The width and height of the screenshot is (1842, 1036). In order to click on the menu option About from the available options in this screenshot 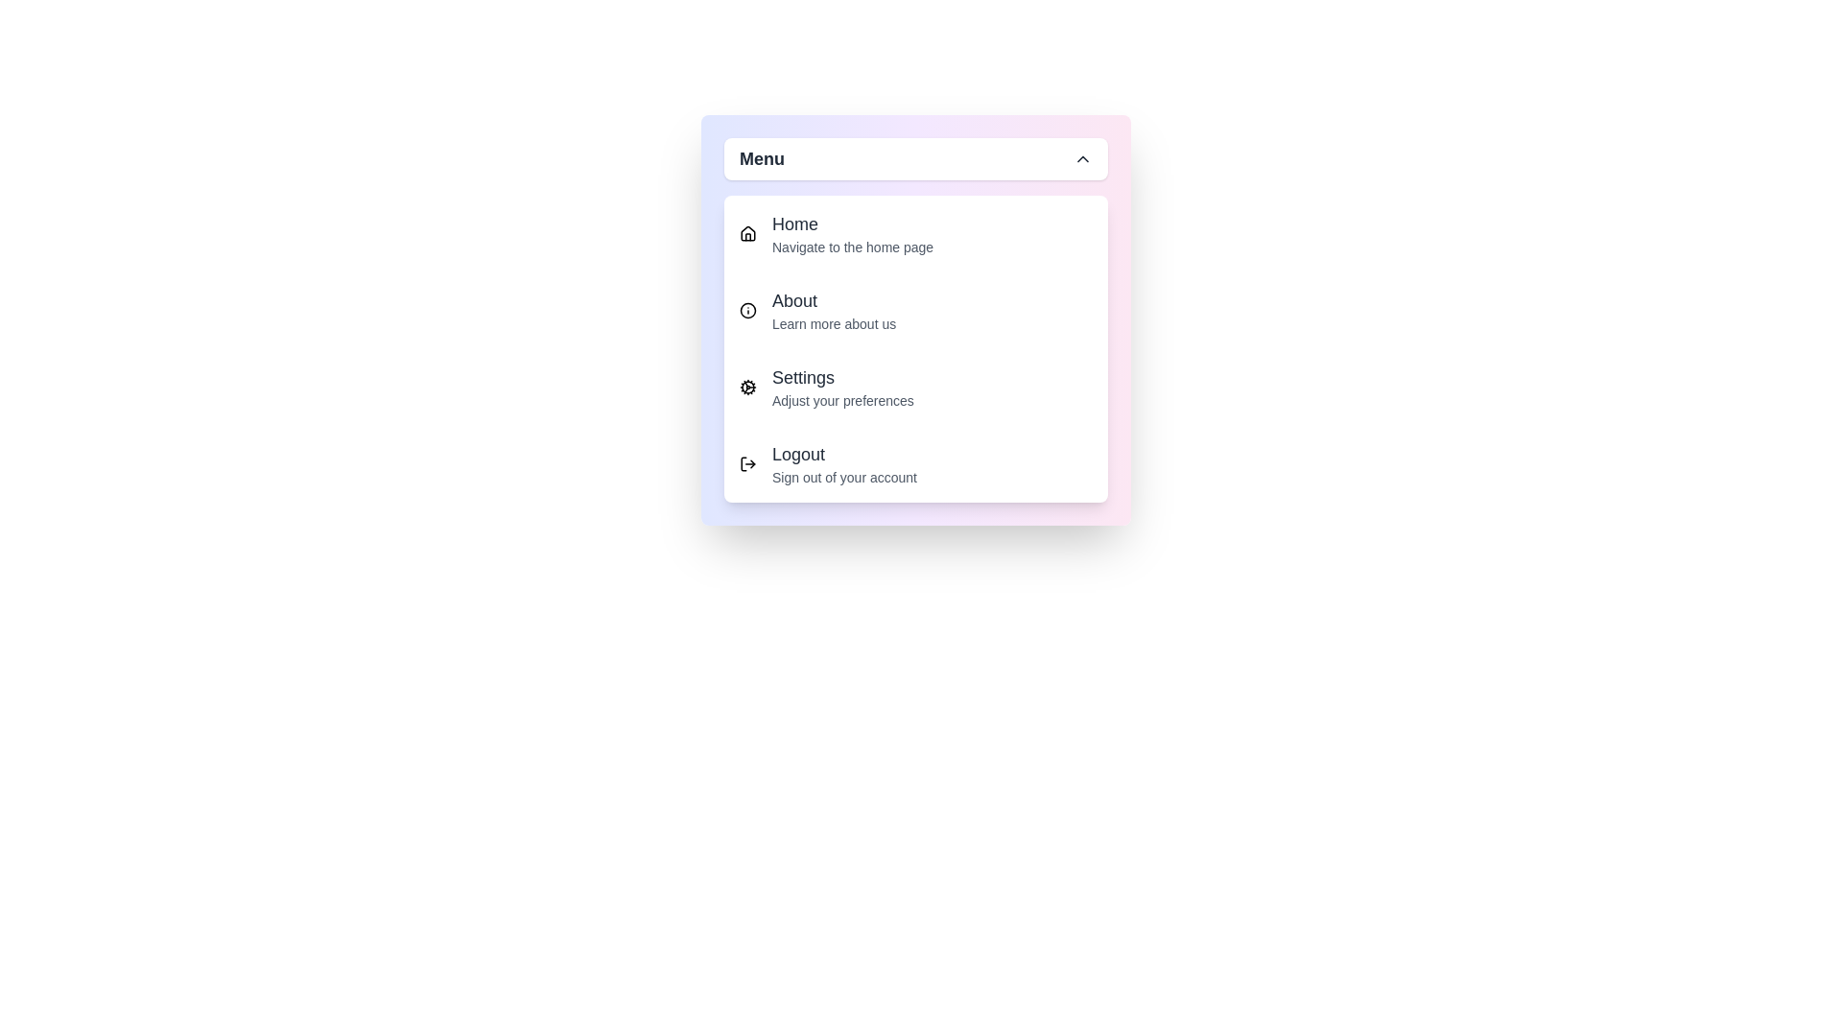, I will do `click(915, 310)`.